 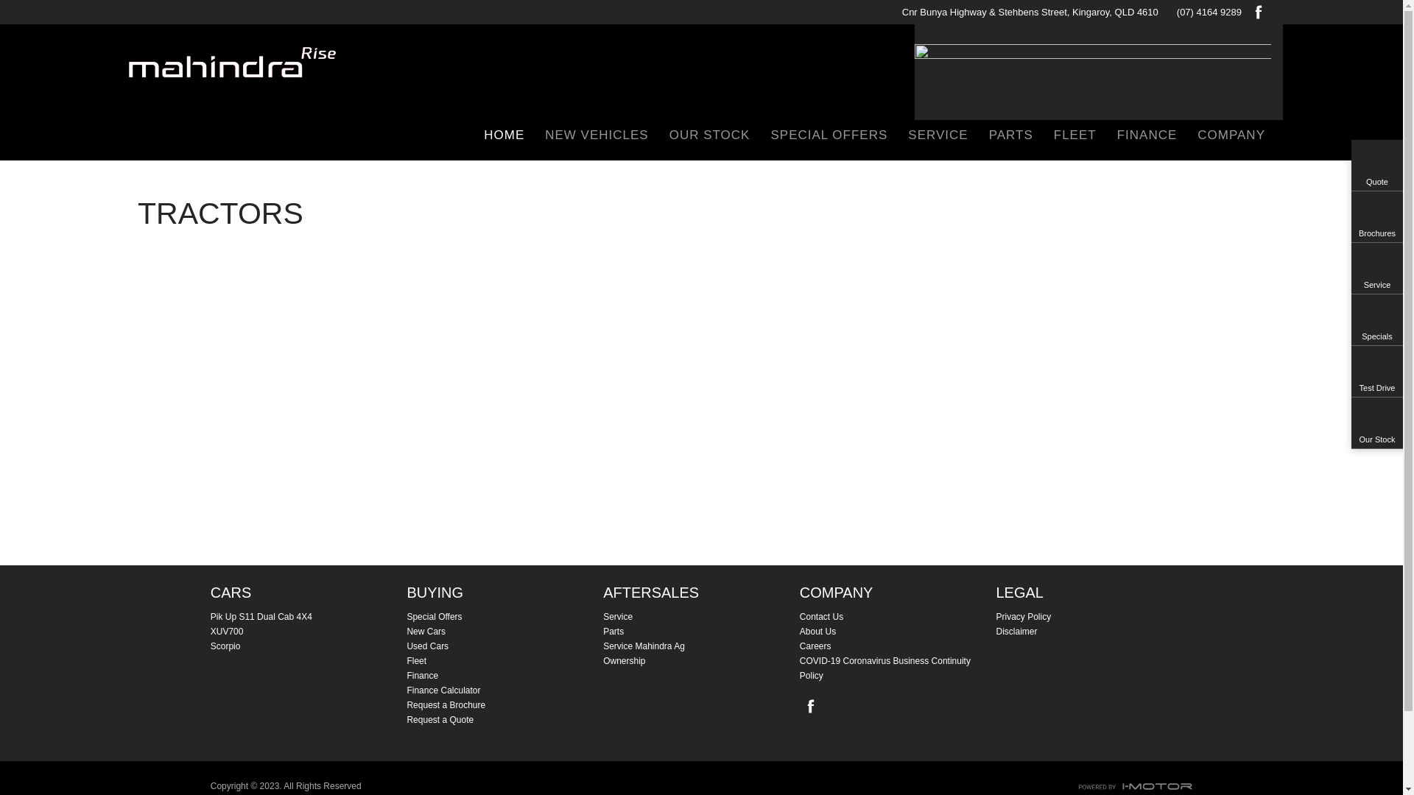 I want to click on 'Used Cars', so click(x=504, y=646).